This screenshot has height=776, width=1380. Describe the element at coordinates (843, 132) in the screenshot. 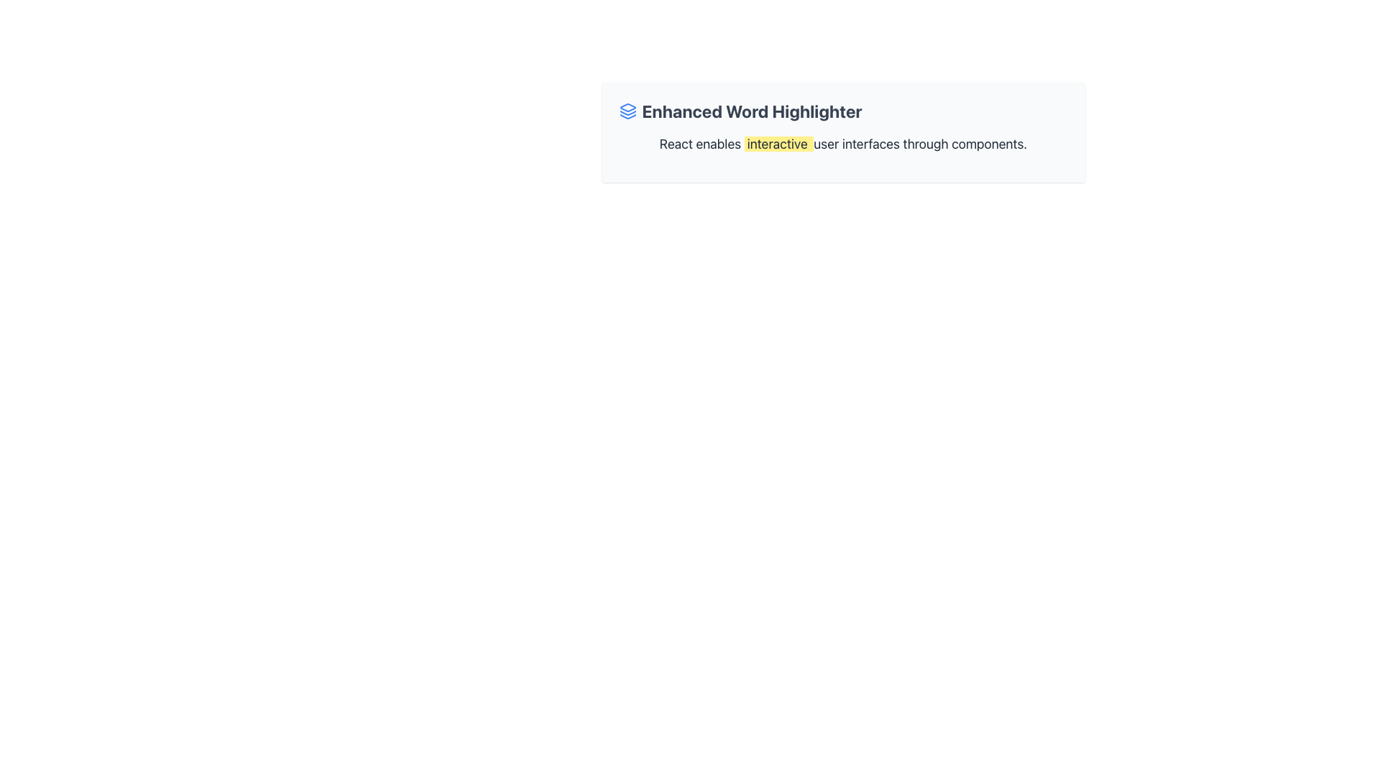

I see `the highlighted word 'interactive' in the section titled 'Enhanced Word Highlighter'` at that location.